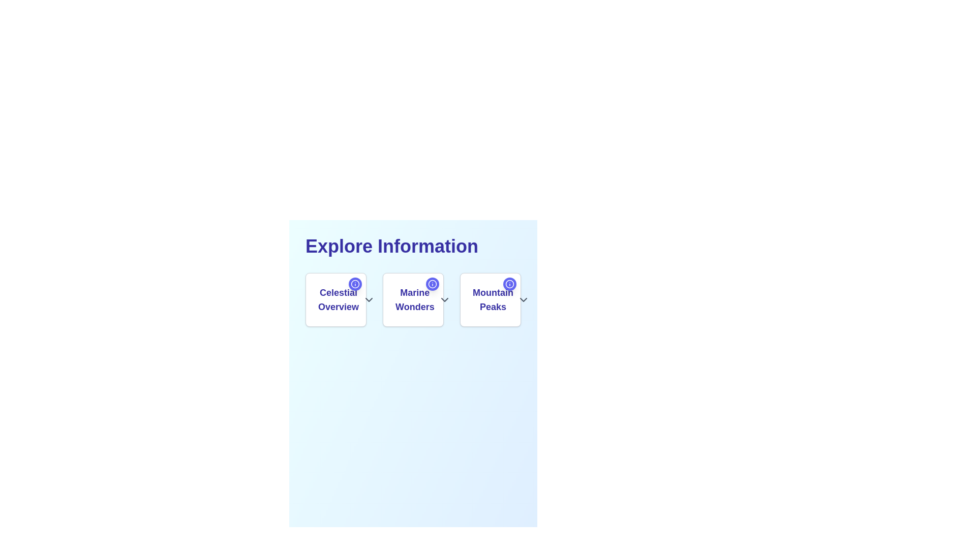  What do you see at coordinates (413, 299) in the screenshot?
I see `the 'Marine Wonders' card element, which is the second card in a horizontal list` at bounding box center [413, 299].